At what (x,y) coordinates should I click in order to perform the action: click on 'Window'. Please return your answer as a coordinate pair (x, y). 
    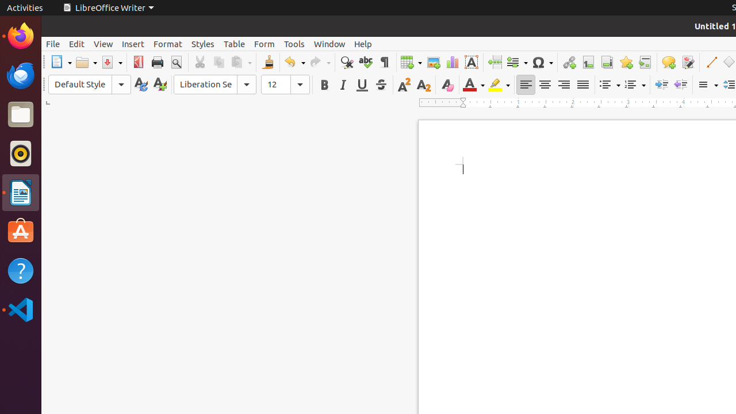
    Looking at the image, I should click on (329, 43).